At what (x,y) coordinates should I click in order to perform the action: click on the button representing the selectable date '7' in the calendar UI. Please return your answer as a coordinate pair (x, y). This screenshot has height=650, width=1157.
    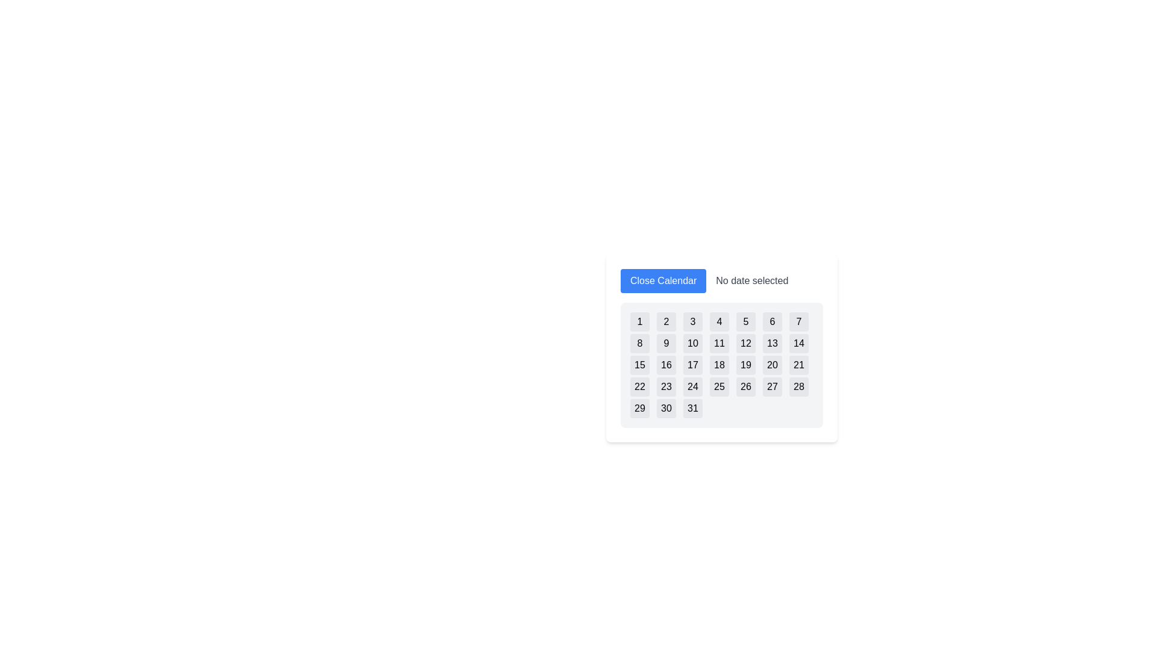
    Looking at the image, I should click on (798, 321).